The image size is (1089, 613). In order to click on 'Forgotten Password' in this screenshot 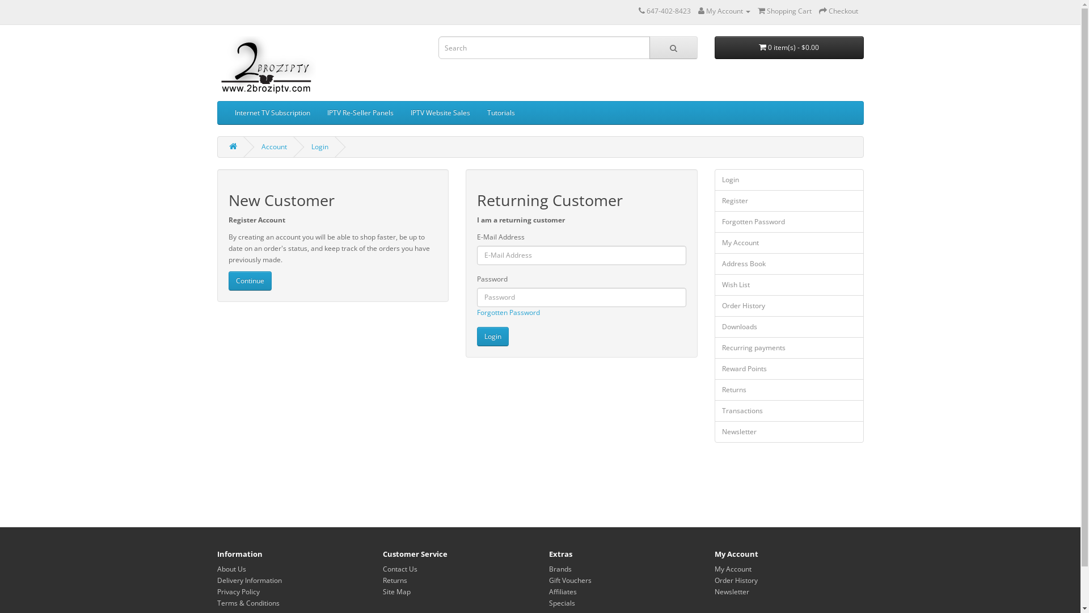, I will do `click(788, 221)`.